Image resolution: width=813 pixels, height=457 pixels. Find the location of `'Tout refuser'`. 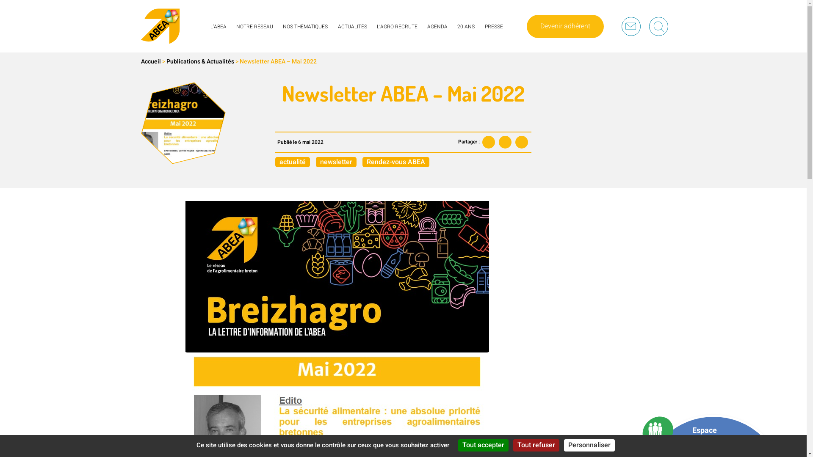

'Tout refuser' is located at coordinates (512, 445).